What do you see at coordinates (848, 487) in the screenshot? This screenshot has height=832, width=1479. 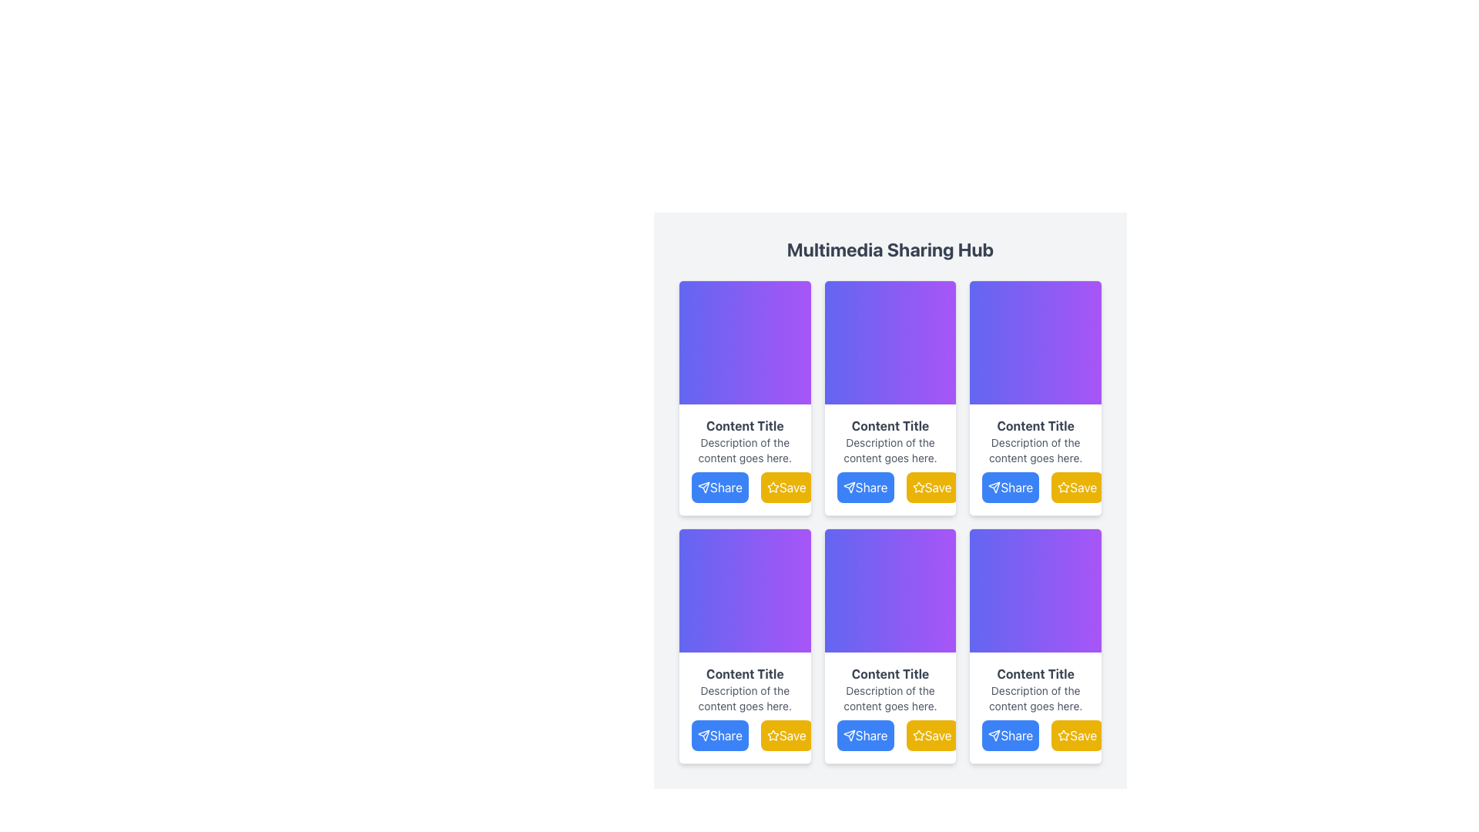 I see `the 'Share' button by navigating to the decorative icon within the button located at the bottom-left corner of the second content card in the top row of the grid layout` at bounding box center [848, 487].